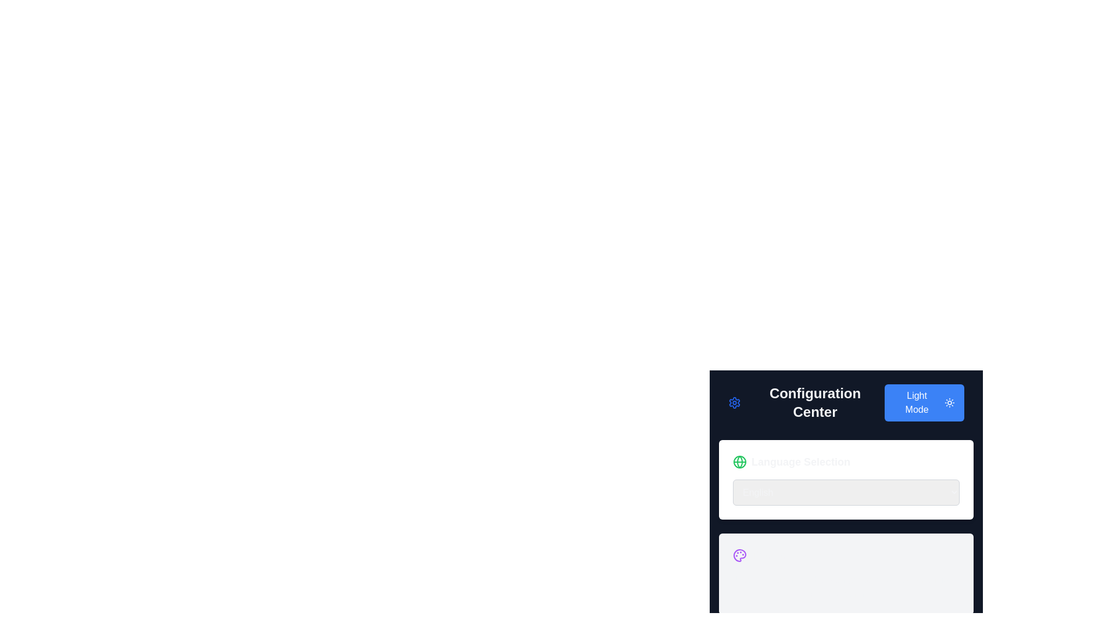 The width and height of the screenshot is (1116, 627). Describe the element at coordinates (734, 402) in the screenshot. I see `the settings icon located in the top-left corner of the user interface, next to the 'Configuration Center' text` at that location.